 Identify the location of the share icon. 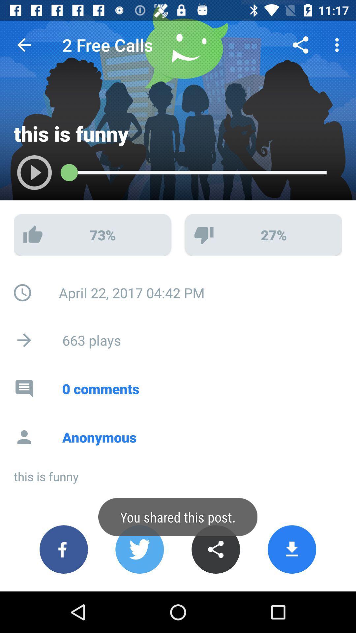
(216, 549).